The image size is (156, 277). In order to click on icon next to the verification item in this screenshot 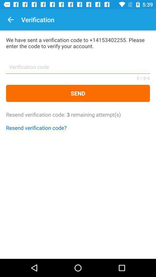, I will do `click(10, 20)`.